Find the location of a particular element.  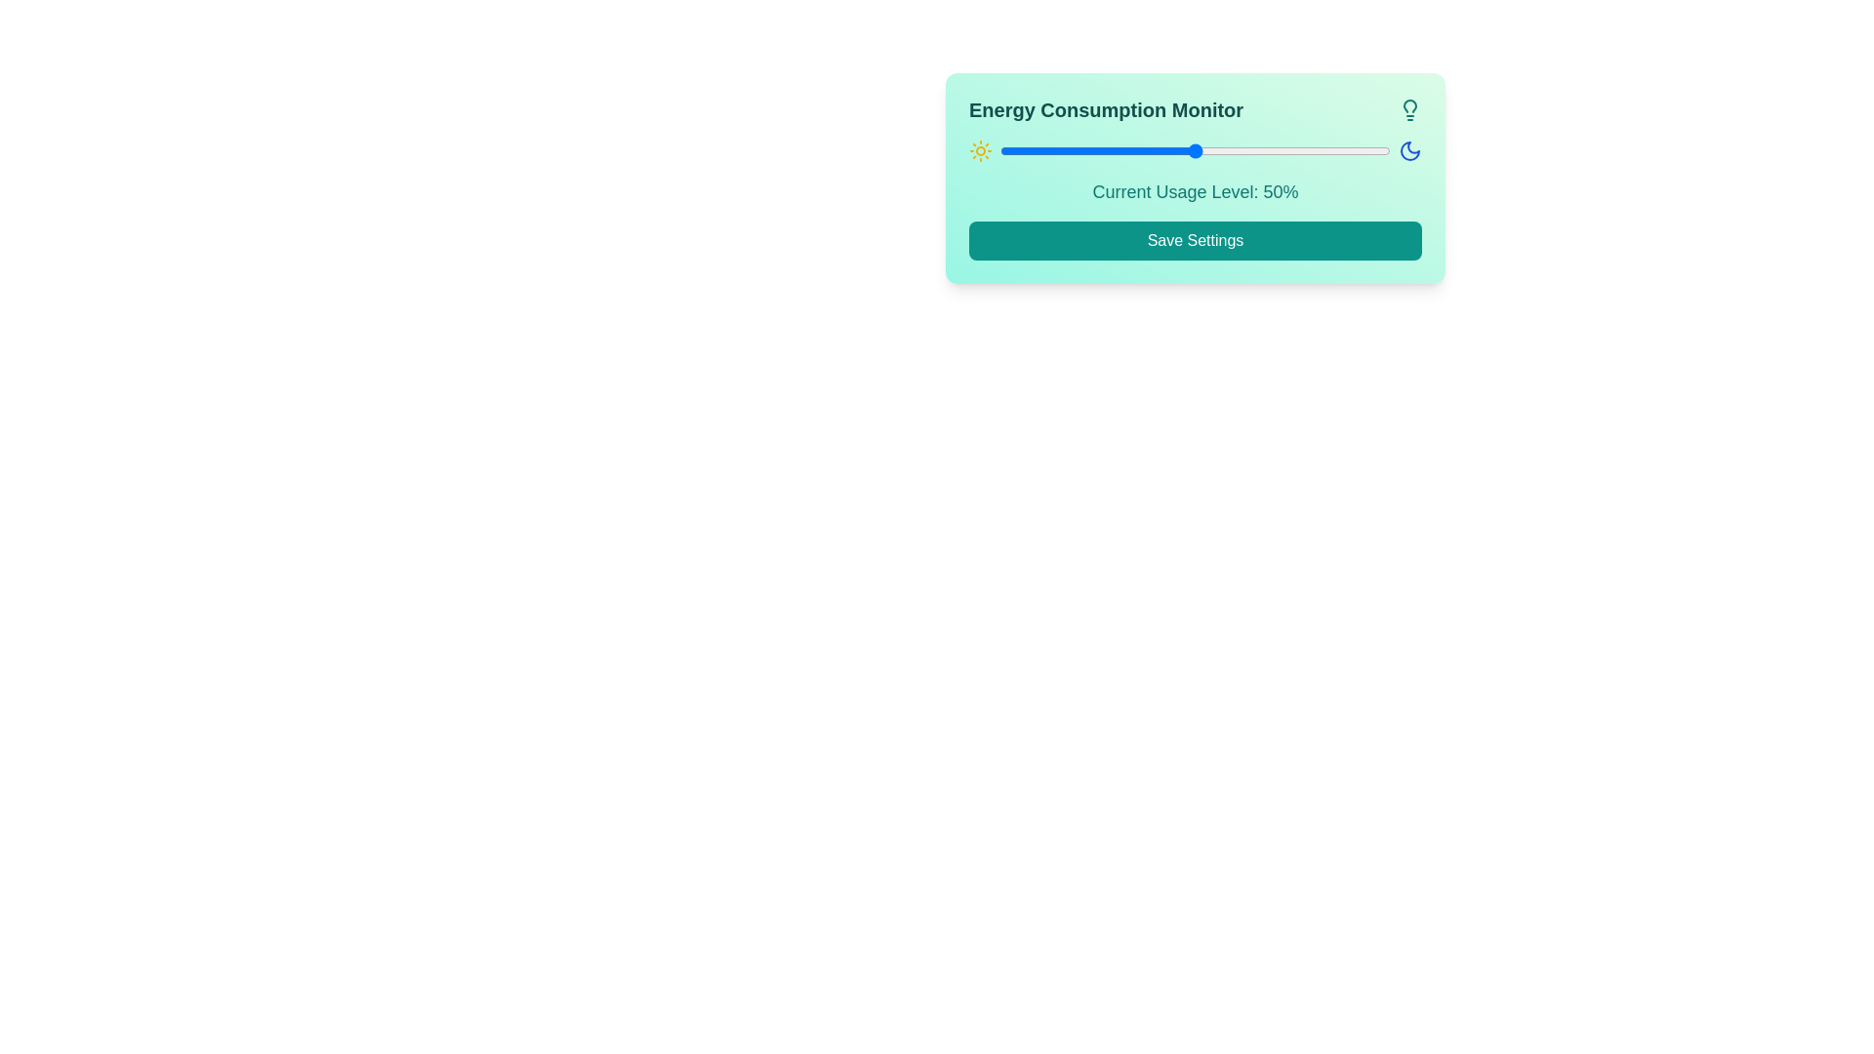

the lightbulb icon to activate its functionality is located at coordinates (1409, 109).